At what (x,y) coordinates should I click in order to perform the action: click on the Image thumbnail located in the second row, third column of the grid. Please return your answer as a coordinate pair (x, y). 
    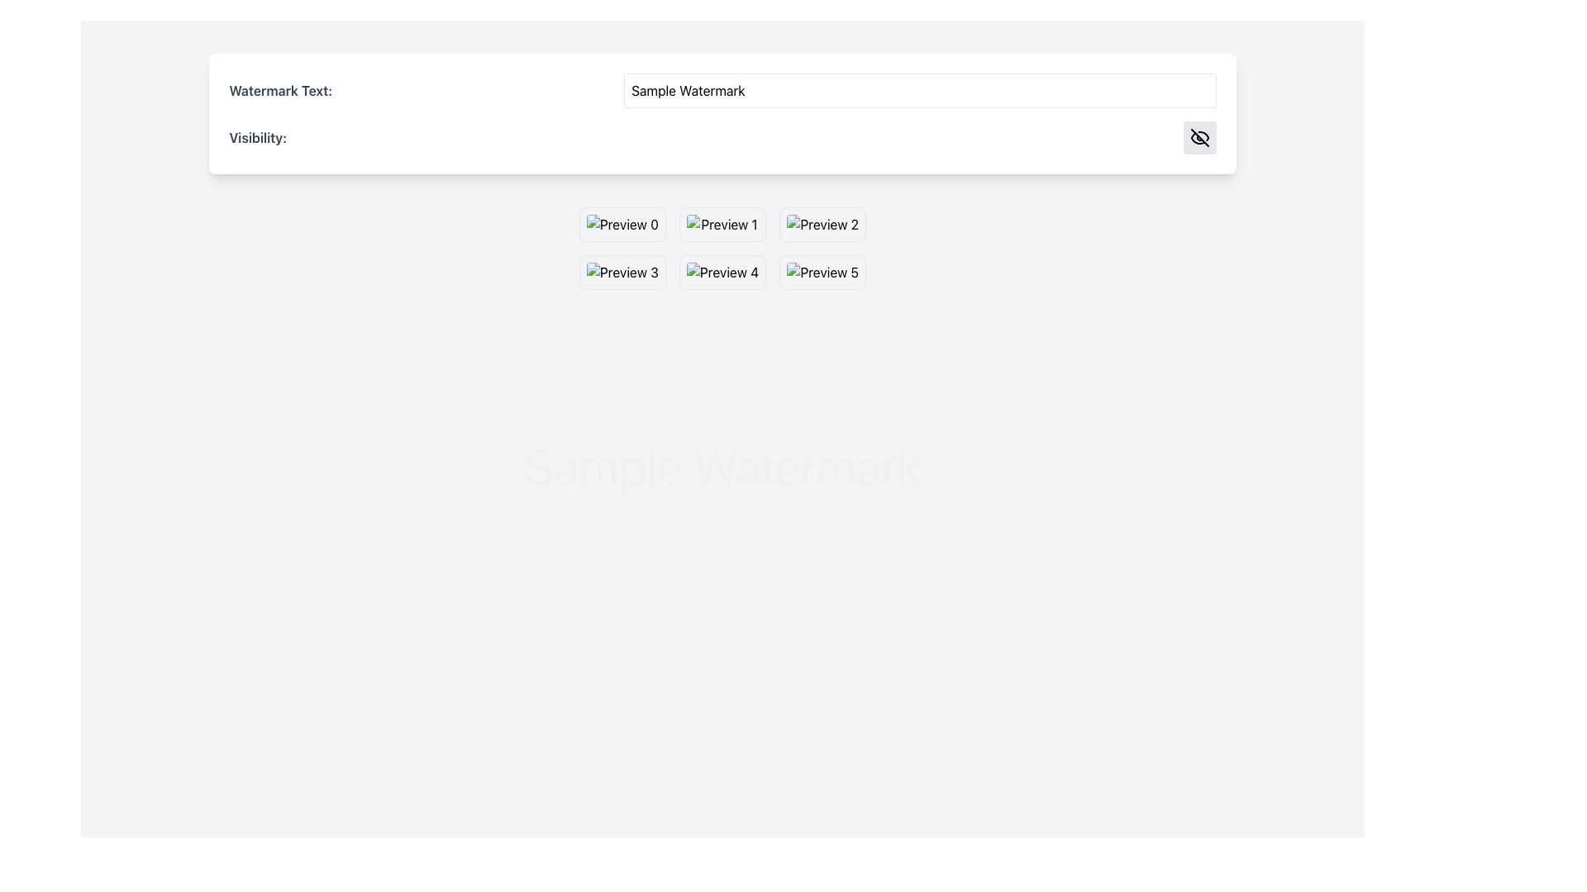
    Looking at the image, I should click on (822, 272).